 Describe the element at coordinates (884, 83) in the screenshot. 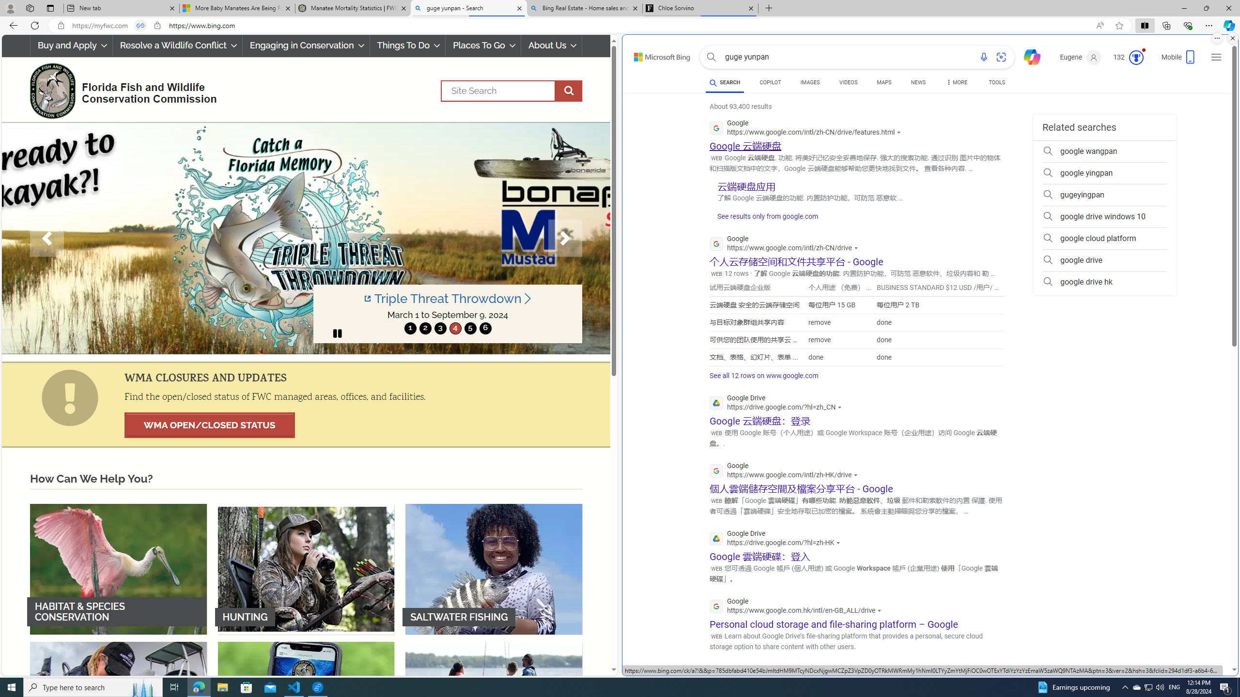

I see `'MAPS'` at that location.